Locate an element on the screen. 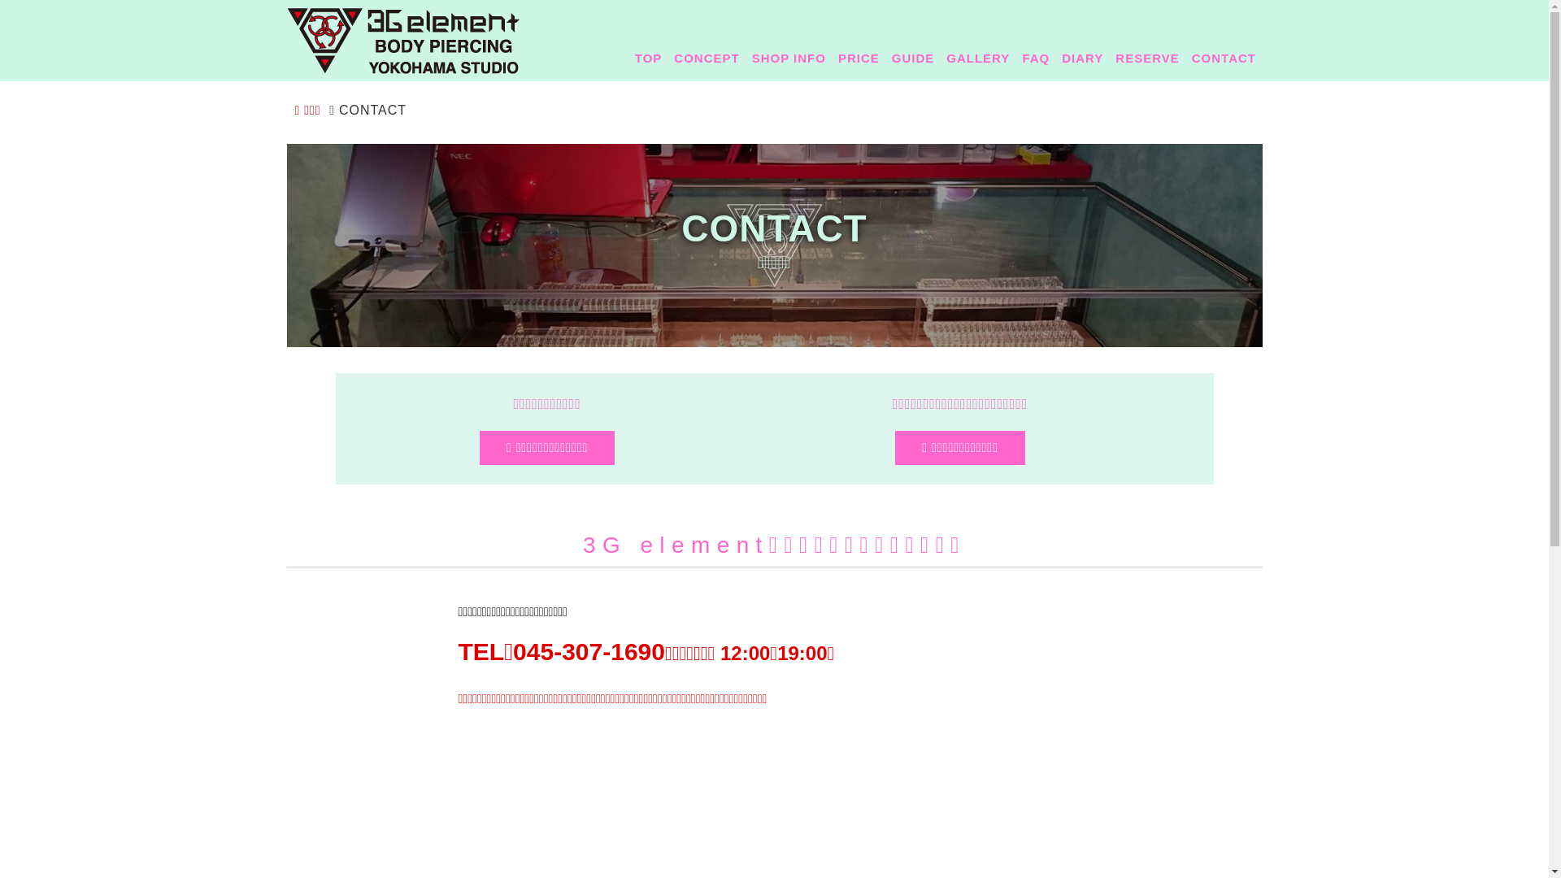  'RESERVE' is located at coordinates (1146, 56).